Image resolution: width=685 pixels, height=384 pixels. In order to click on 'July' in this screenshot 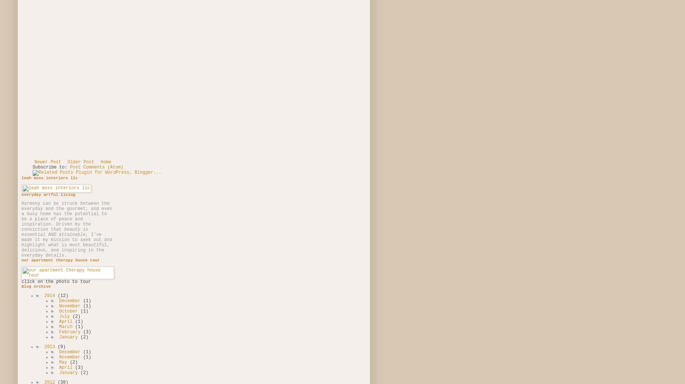, I will do `click(66, 316)`.